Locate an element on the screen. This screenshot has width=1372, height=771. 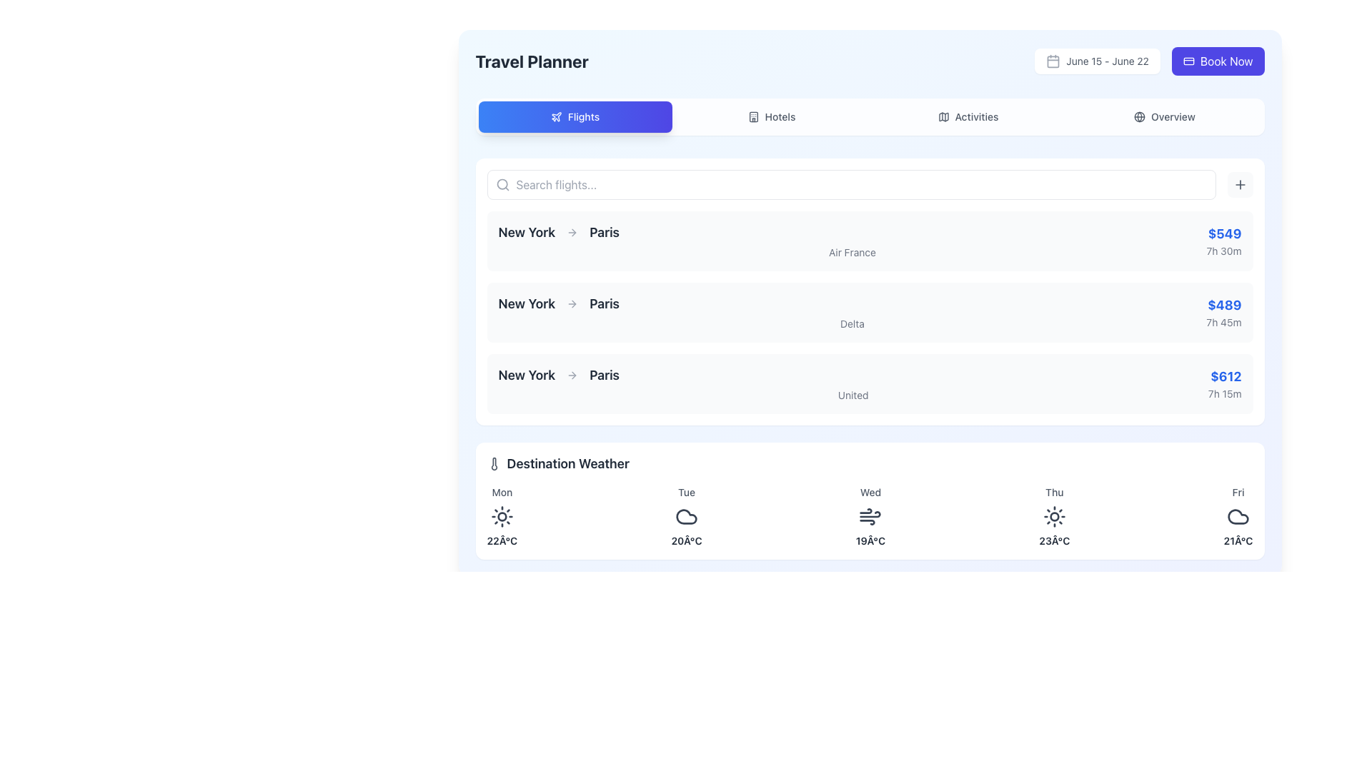
the hotel icon in the navigation bar, which is the second icon labeled 'Hotels' is located at coordinates (752, 116).